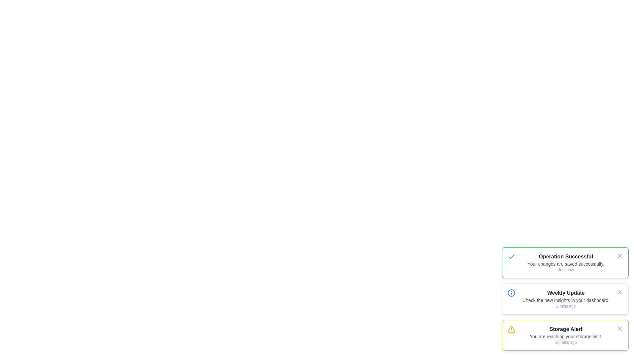 Image resolution: width=634 pixels, height=356 pixels. What do you see at coordinates (565, 299) in the screenshot?
I see `the middle notification card displaying 'Weekly Update' which contains the message 'Check the new insights in your dashboard.' and a timestamp '2 mins ago'` at bounding box center [565, 299].